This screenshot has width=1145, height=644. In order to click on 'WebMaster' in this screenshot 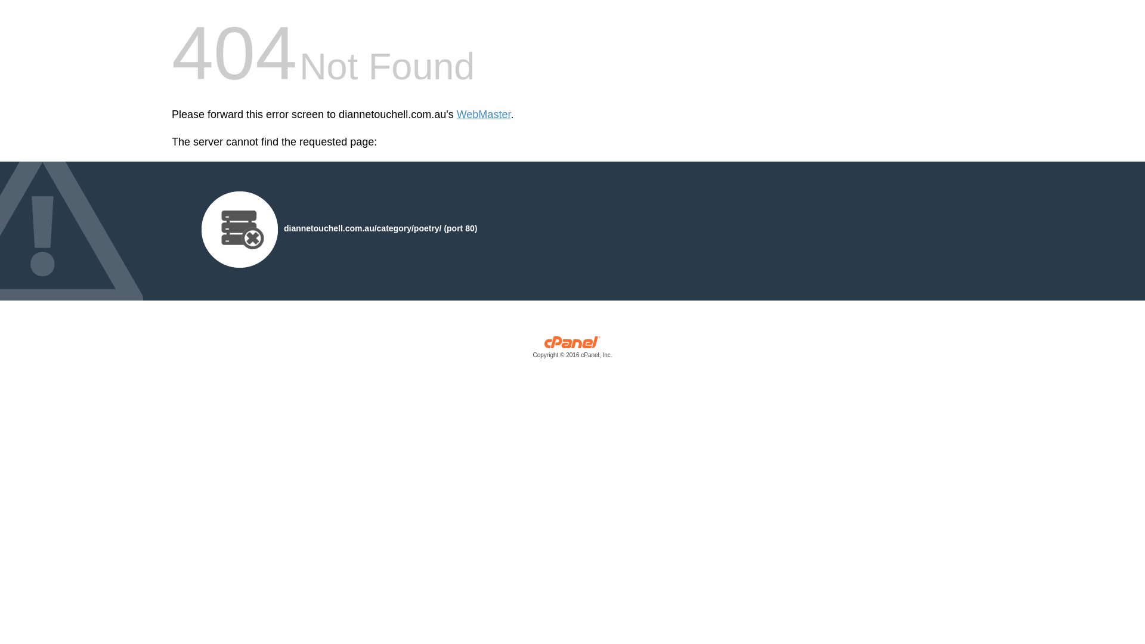, I will do `click(484, 114)`.